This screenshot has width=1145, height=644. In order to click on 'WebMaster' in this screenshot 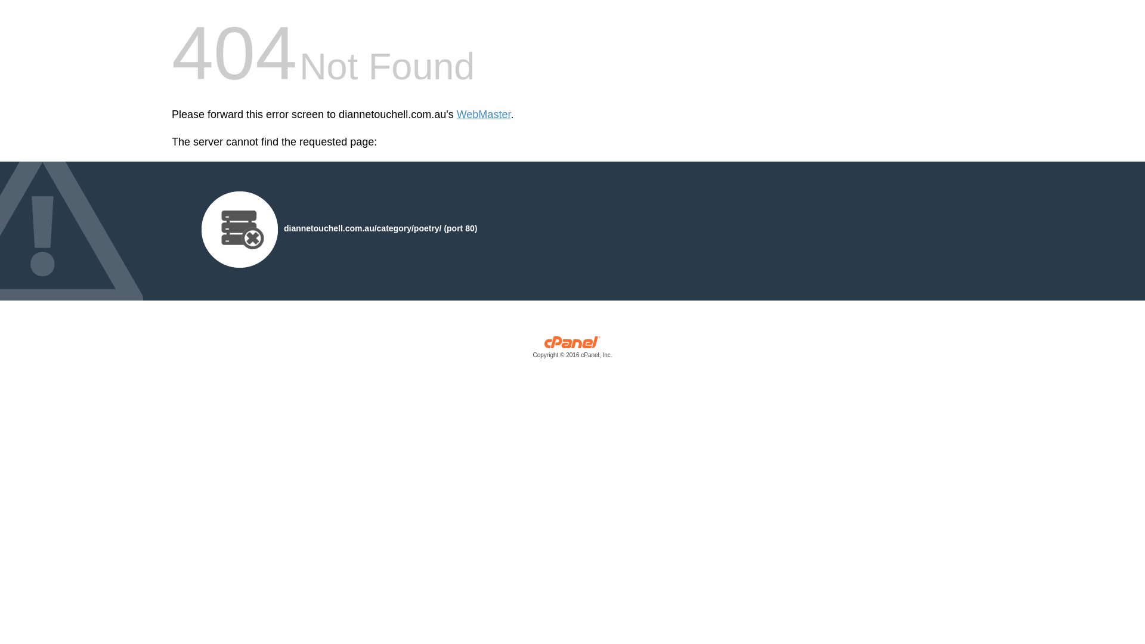, I will do `click(484, 114)`.